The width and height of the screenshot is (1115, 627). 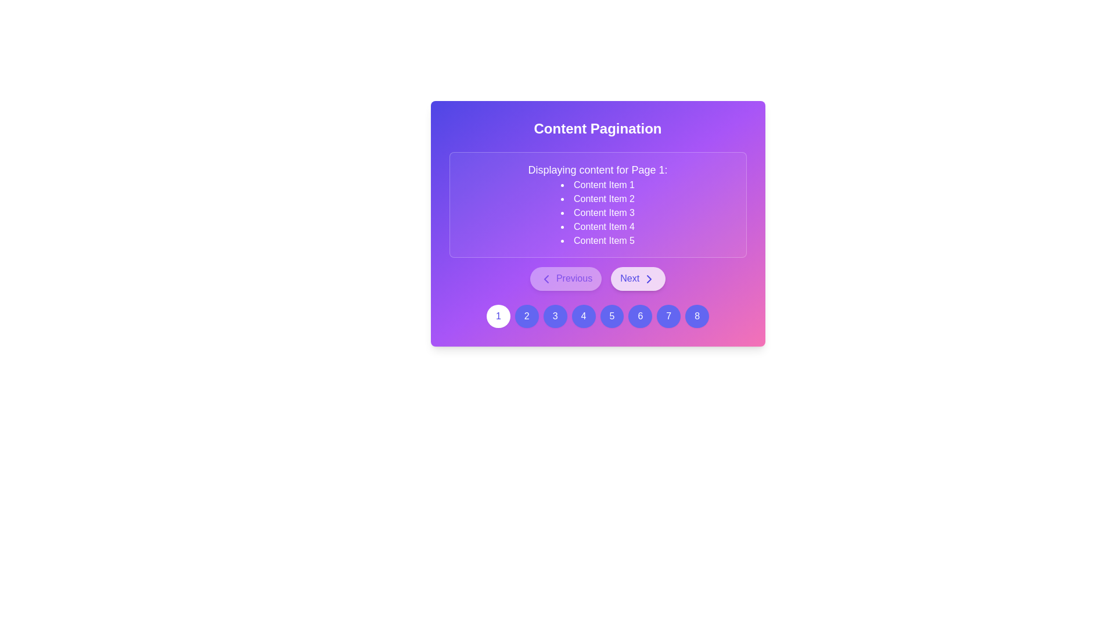 What do you see at coordinates (648, 279) in the screenshot?
I see `the arrow icon within the 'Next' button` at bounding box center [648, 279].